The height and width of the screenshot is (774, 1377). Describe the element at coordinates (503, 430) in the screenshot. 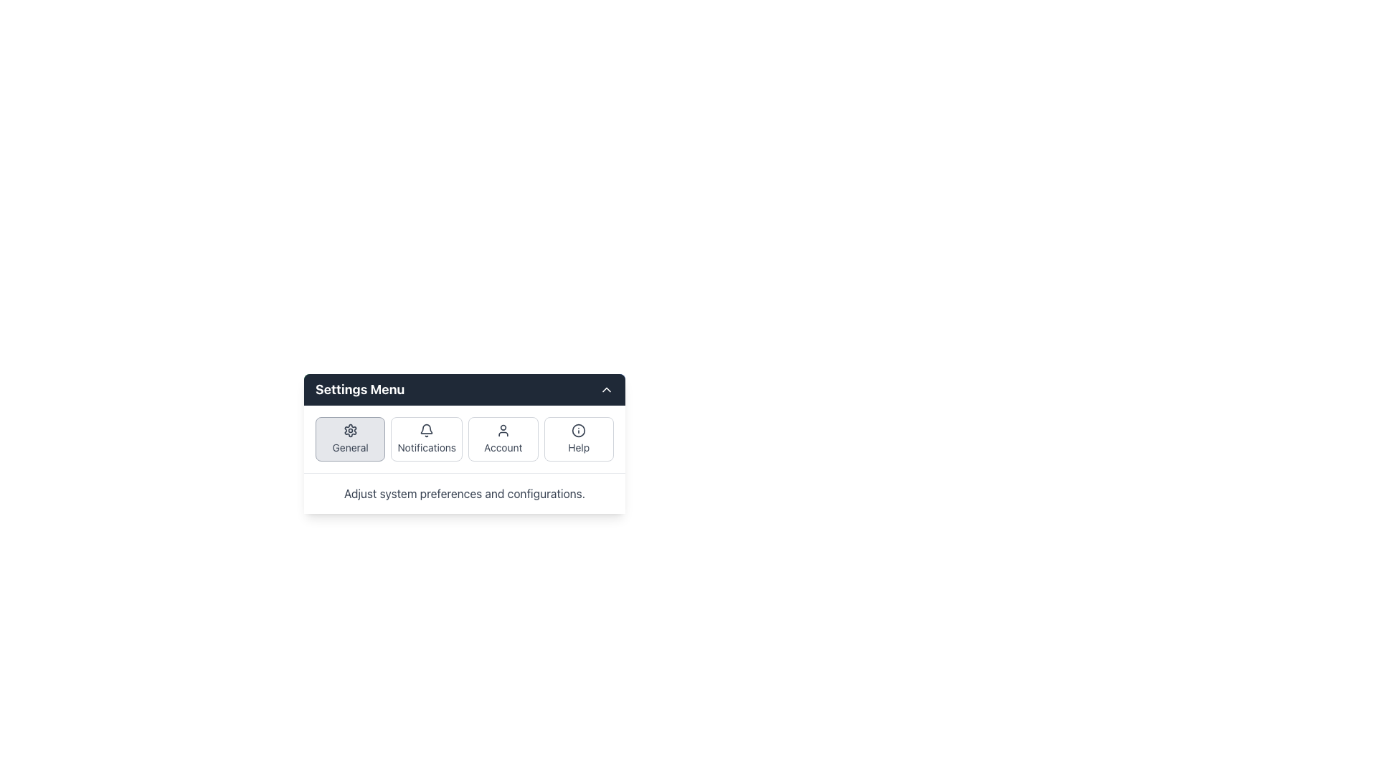

I see `the account settings icon located in the navigation menu, positioned directly above the 'Account' label, which is the third icon from the left` at that location.